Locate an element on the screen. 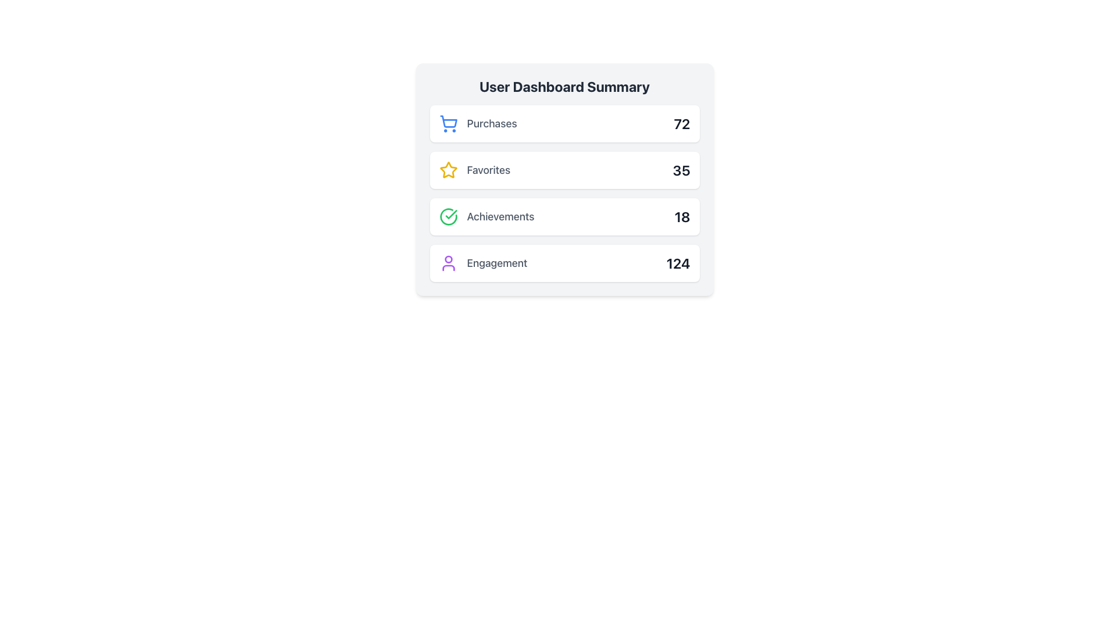 This screenshot has width=1116, height=628. the user icon with a purple circular outline located to the left of the 'Engagement' text in the fourth row of the 'User Dashboard Summary' card is located at coordinates (448, 263).